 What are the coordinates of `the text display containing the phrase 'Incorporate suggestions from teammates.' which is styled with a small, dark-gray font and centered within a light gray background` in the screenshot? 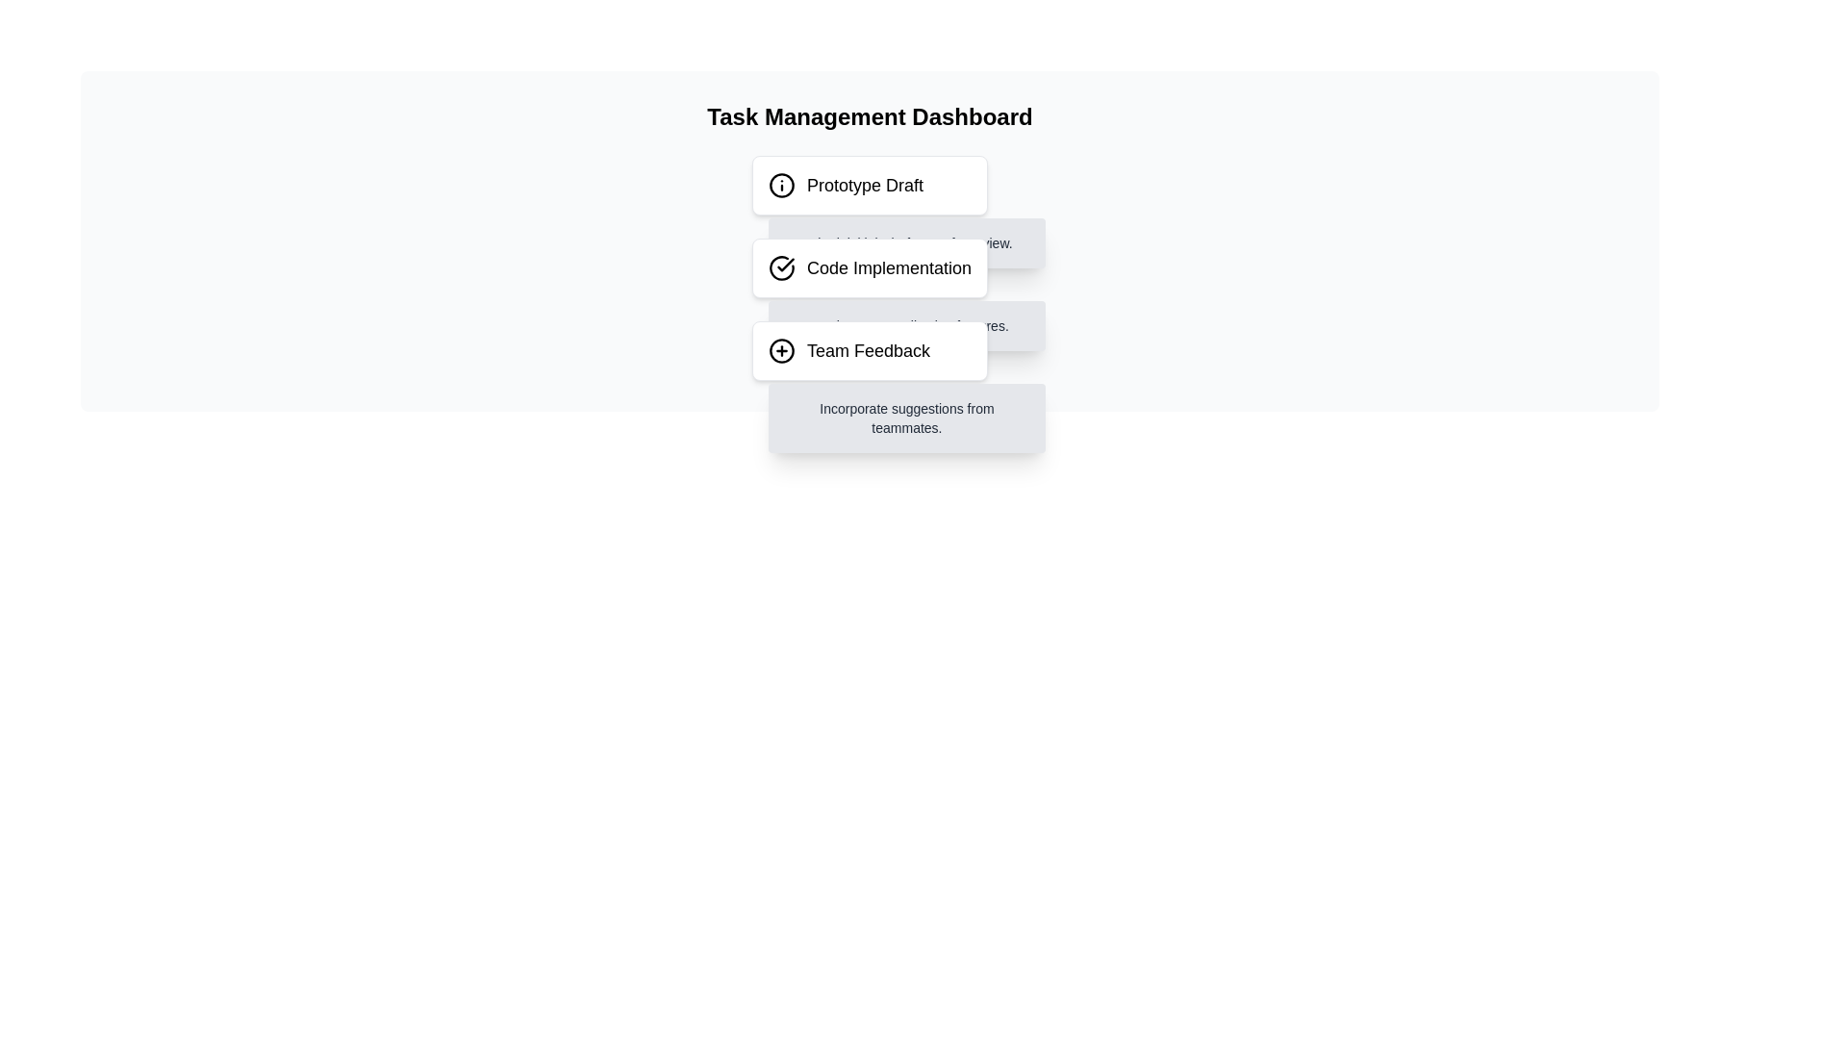 It's located at (905, 418).